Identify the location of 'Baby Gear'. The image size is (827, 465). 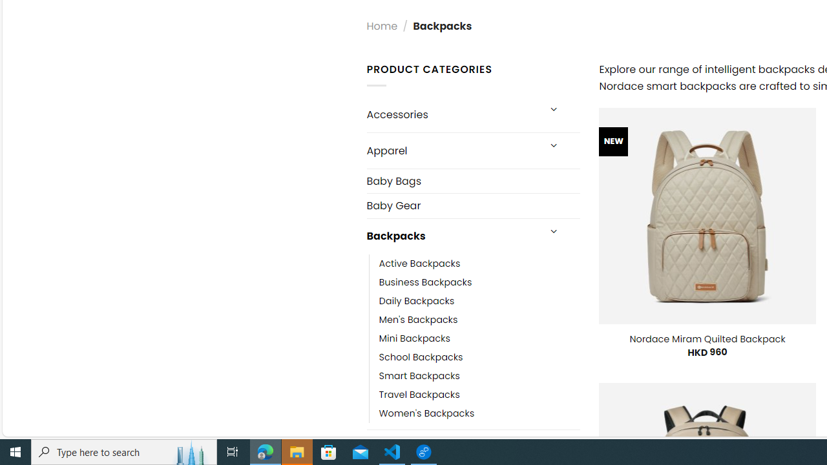
(472, 205).